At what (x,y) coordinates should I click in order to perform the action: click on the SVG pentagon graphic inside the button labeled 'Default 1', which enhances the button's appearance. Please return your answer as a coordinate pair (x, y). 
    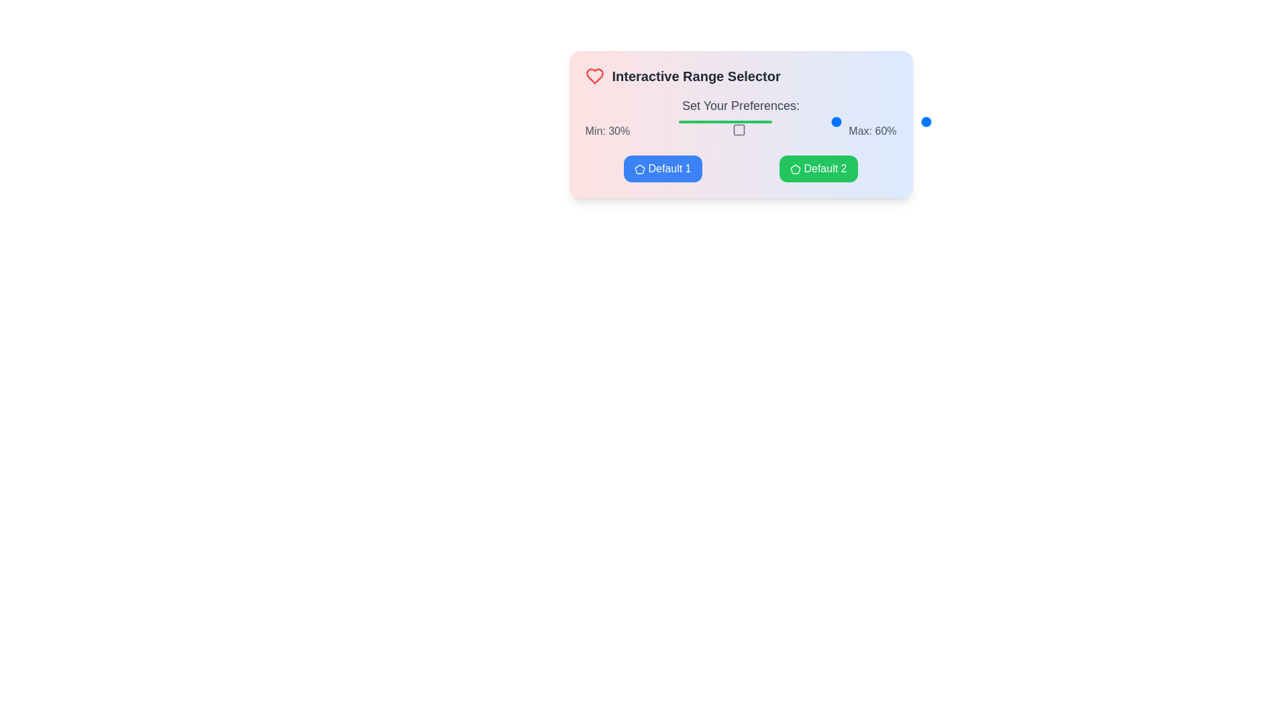
    Looking at the image, I should click on (639, 168).